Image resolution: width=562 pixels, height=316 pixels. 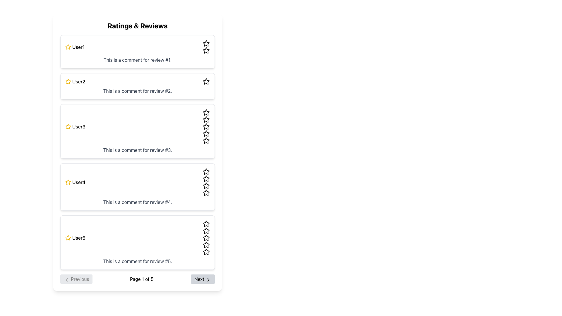 What do you see at coordinates (78, 126) in the screenshot?
I see `the text element displaying 'User3', which is the third user name in a vertically stacked list of reviews` at bounding box center [78, 126].